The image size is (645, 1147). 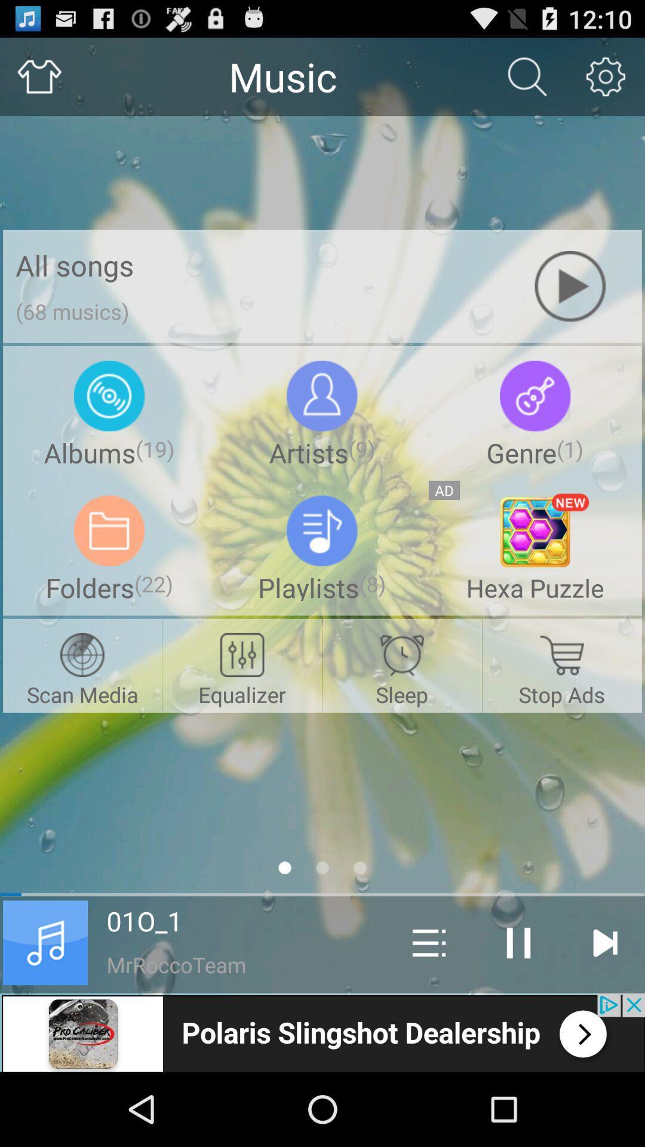 What do you see at coordinates (518, 1008) in the screenshot?
I see `the pause icon` at bounding box center [518, 1008].